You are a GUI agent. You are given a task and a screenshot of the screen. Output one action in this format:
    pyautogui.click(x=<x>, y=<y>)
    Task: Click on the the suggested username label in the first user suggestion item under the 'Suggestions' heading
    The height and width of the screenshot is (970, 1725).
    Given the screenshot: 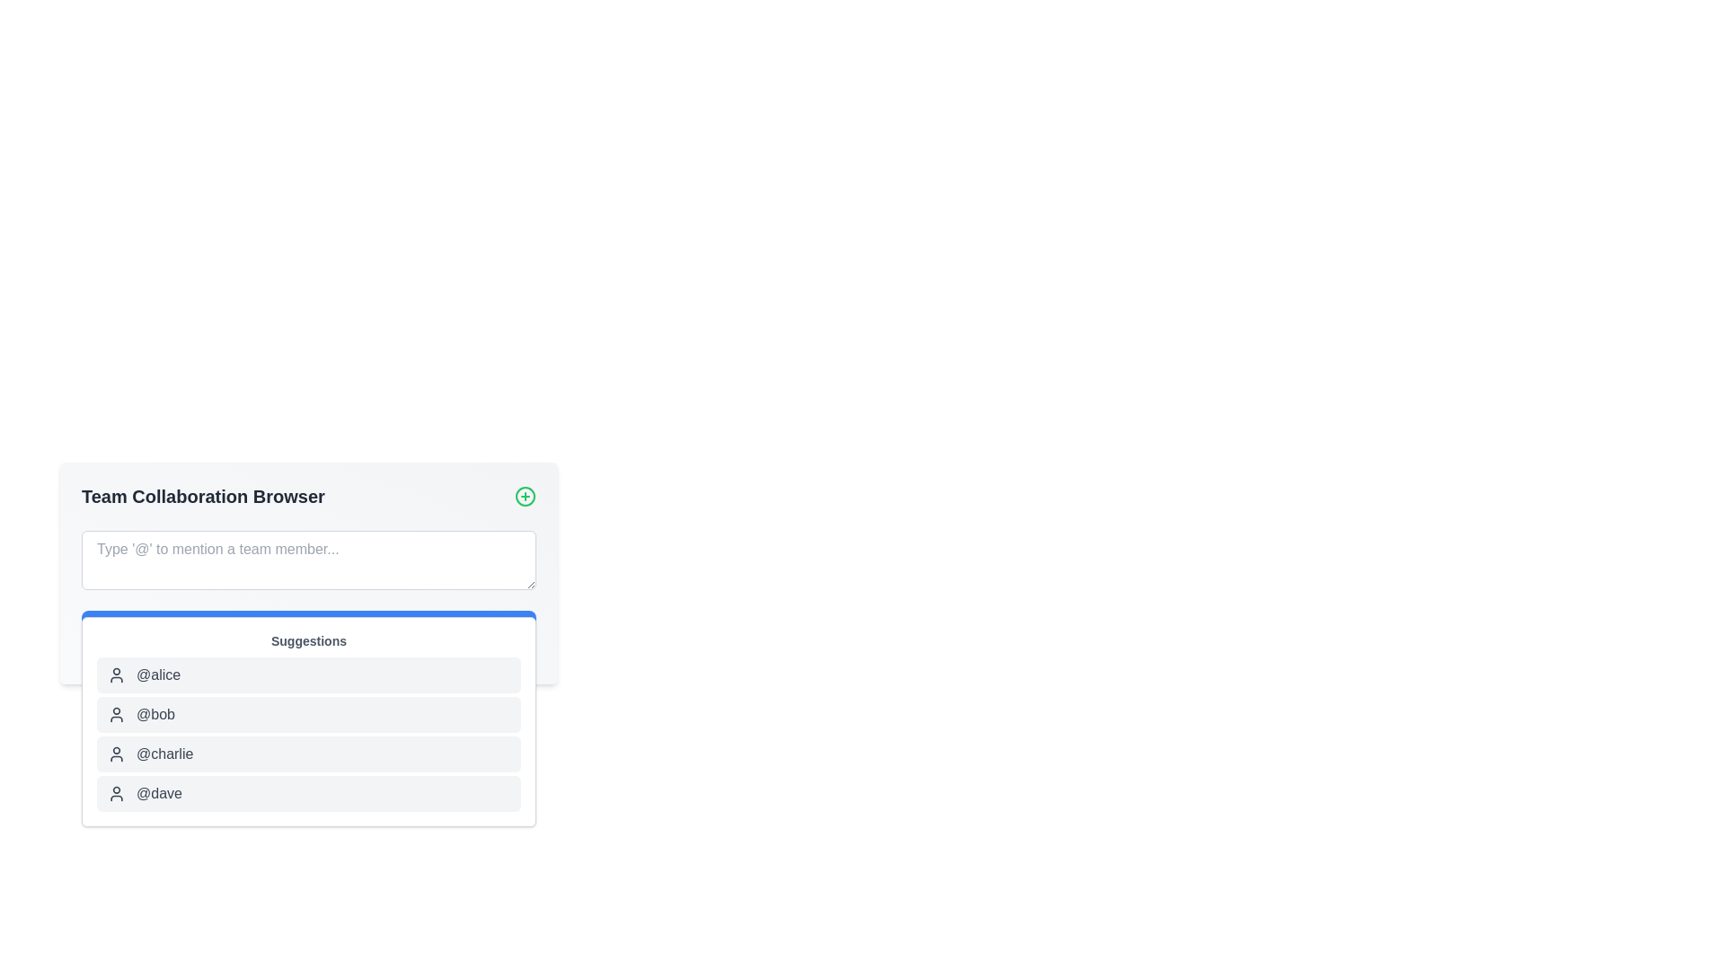 What is the action you would take?
    pyautogui.click(x=158, y=675)
    